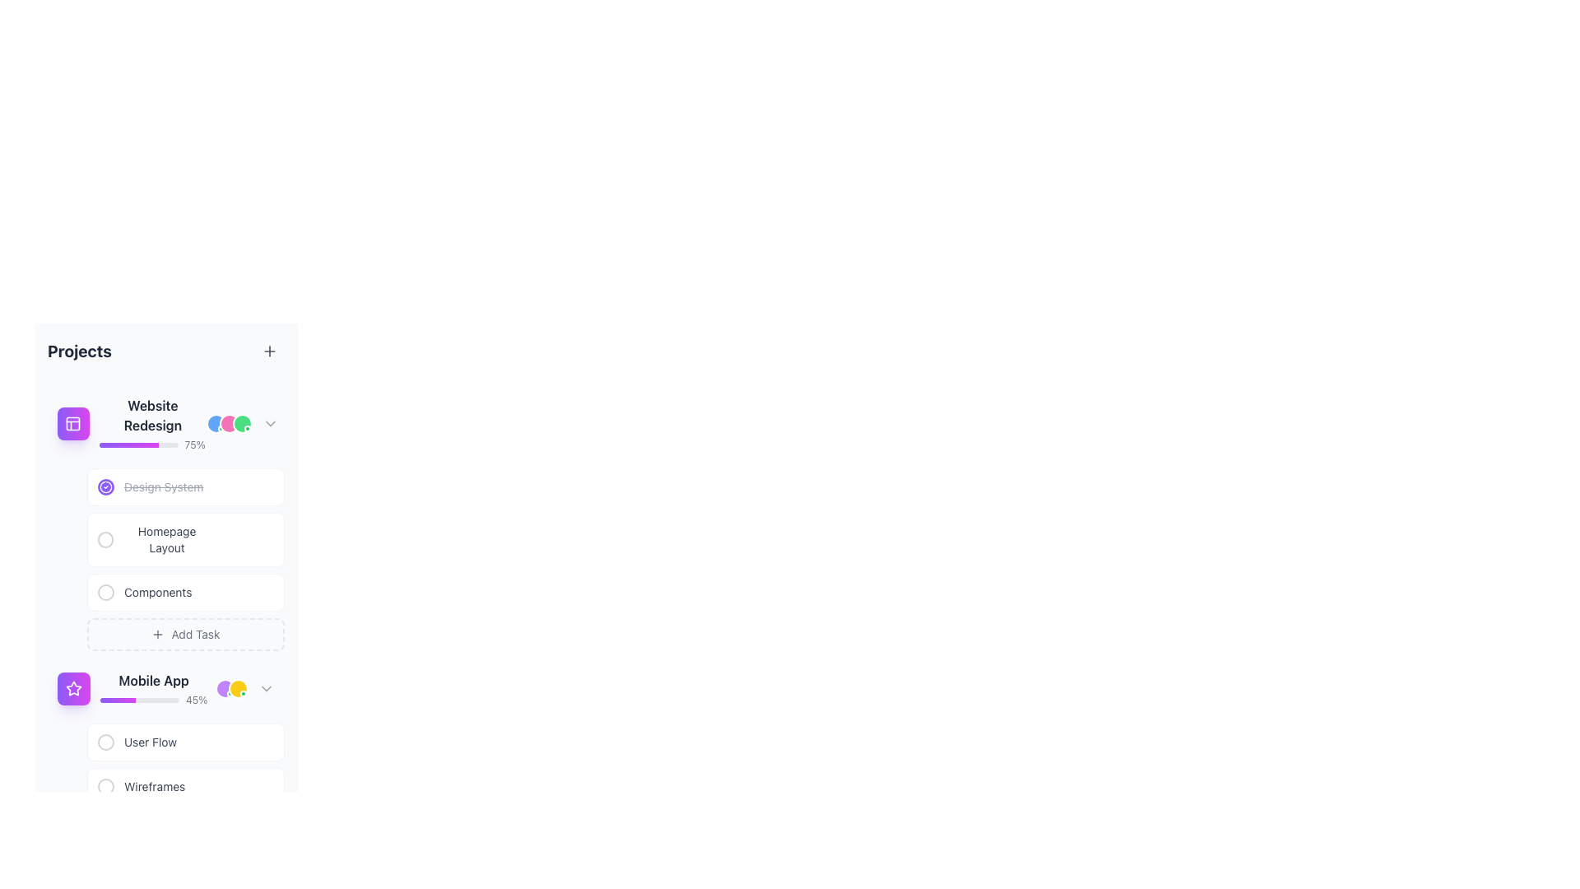  What do you see at coordinates (152, 423) in the screenshot?
I see `the progress bar element representing the 'Website Redesign' project in the project management dashboard` at bounding box center [152, 423].